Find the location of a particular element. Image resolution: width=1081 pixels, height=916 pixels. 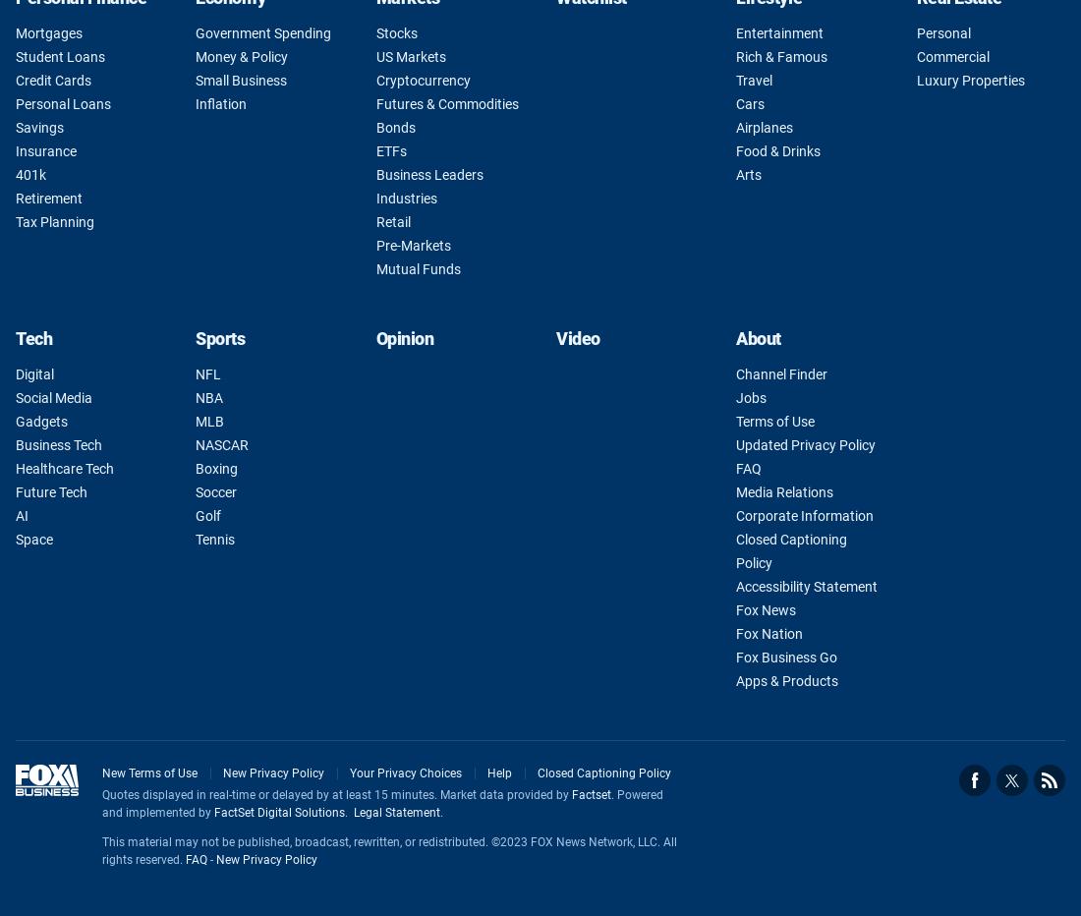

'About' is located at coordinates (758, 337).